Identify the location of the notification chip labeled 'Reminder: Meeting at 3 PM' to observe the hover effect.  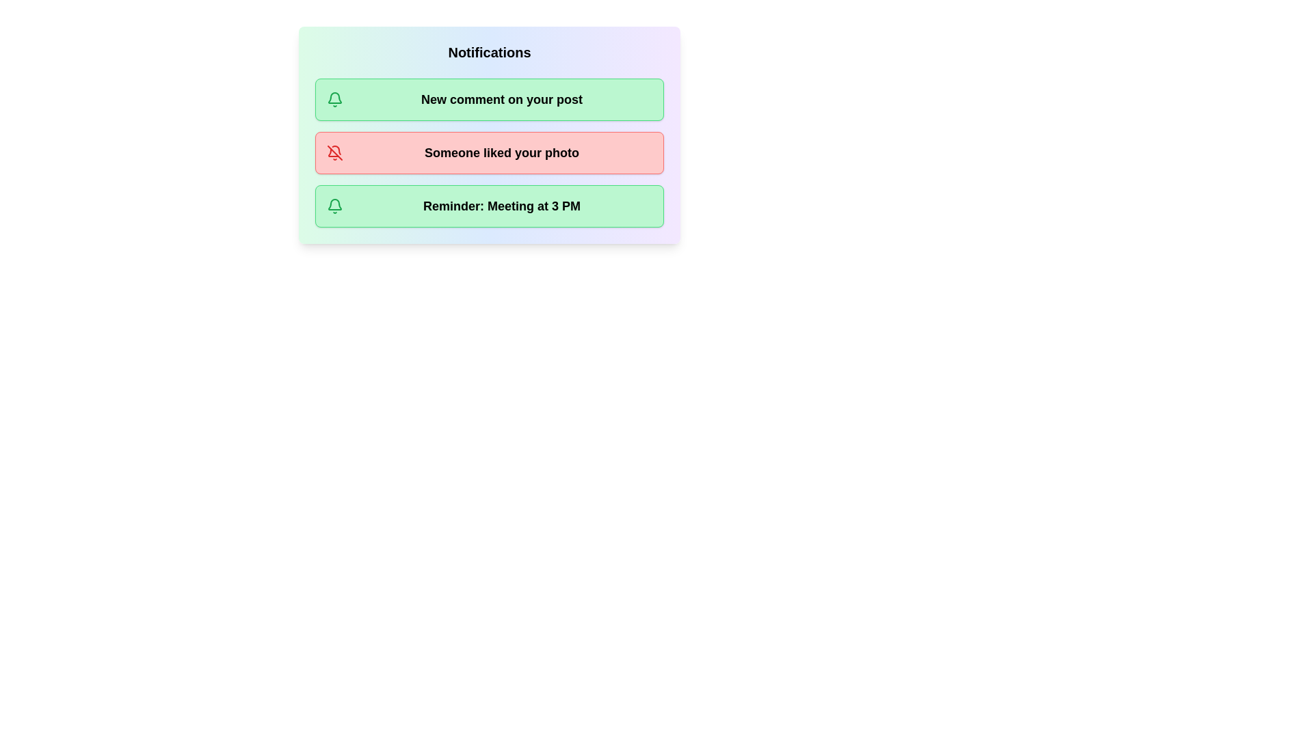
(489, 206).